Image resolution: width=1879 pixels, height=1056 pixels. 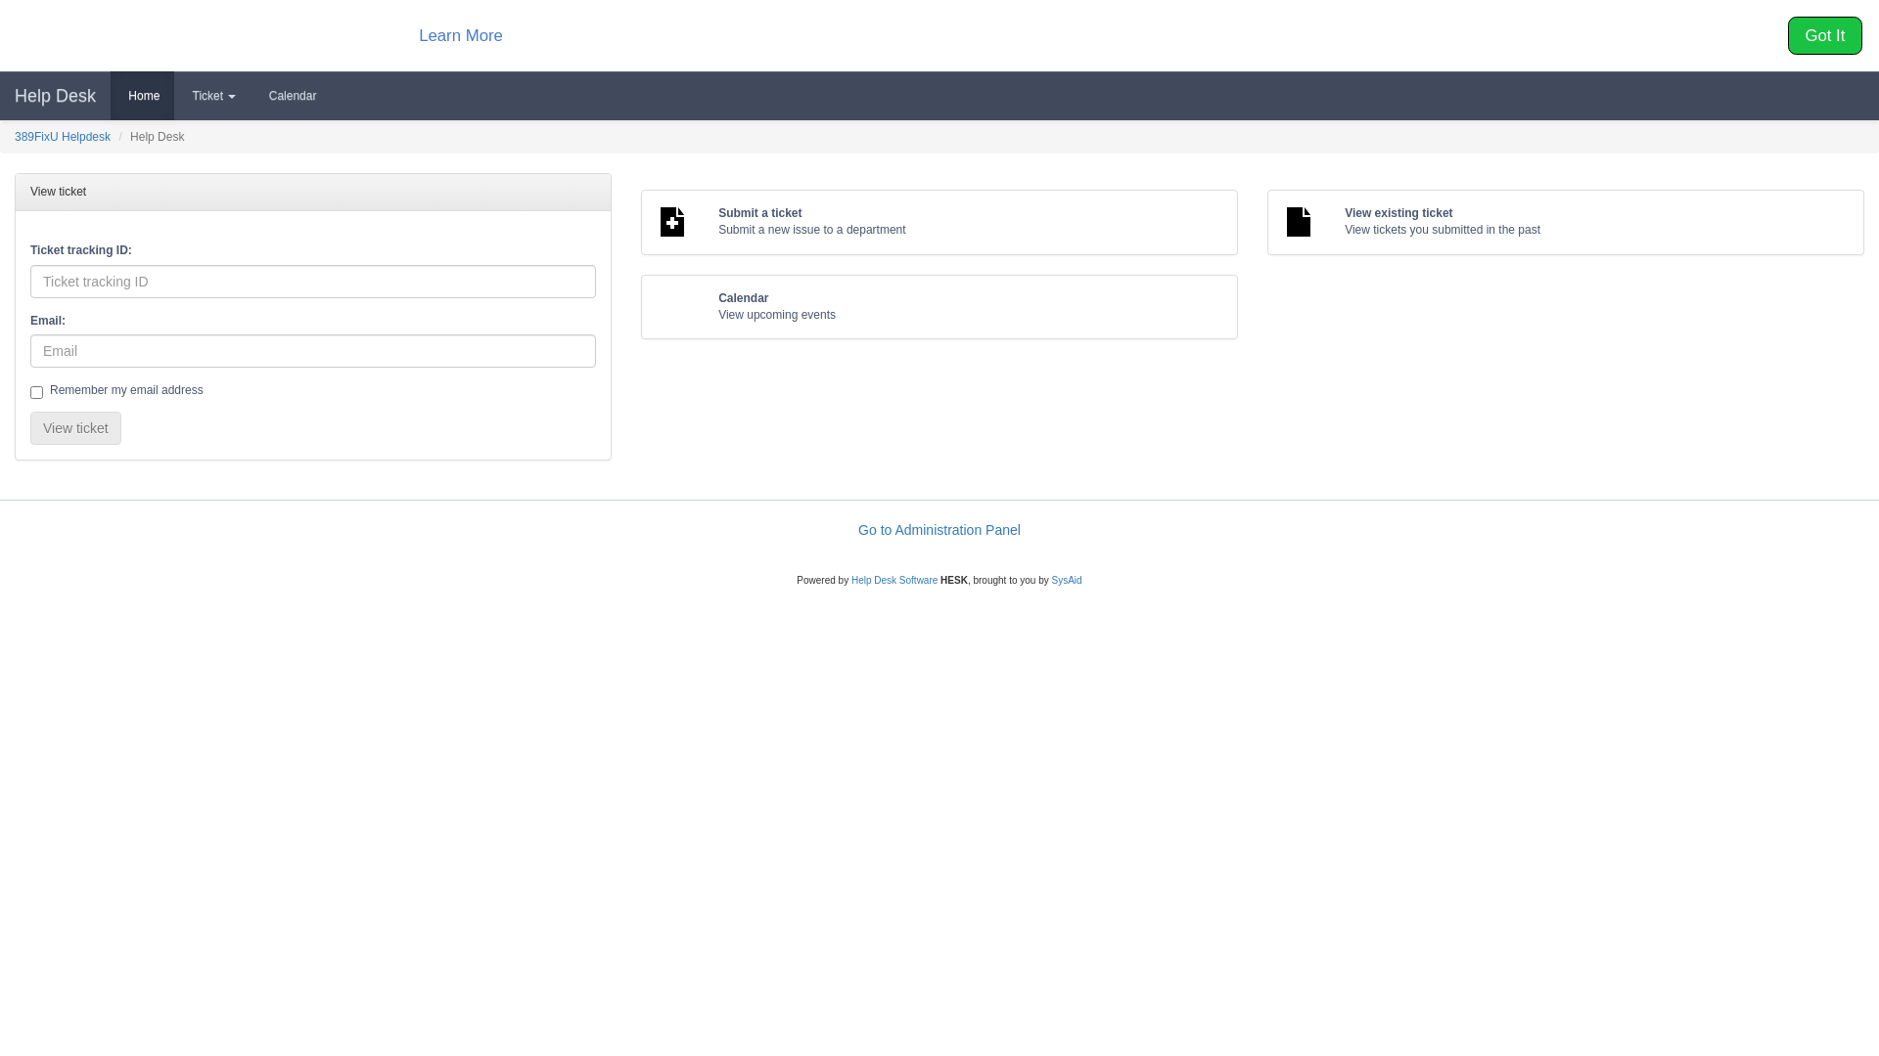 I want to click on ' Ticket', so click(x=211, y=95).